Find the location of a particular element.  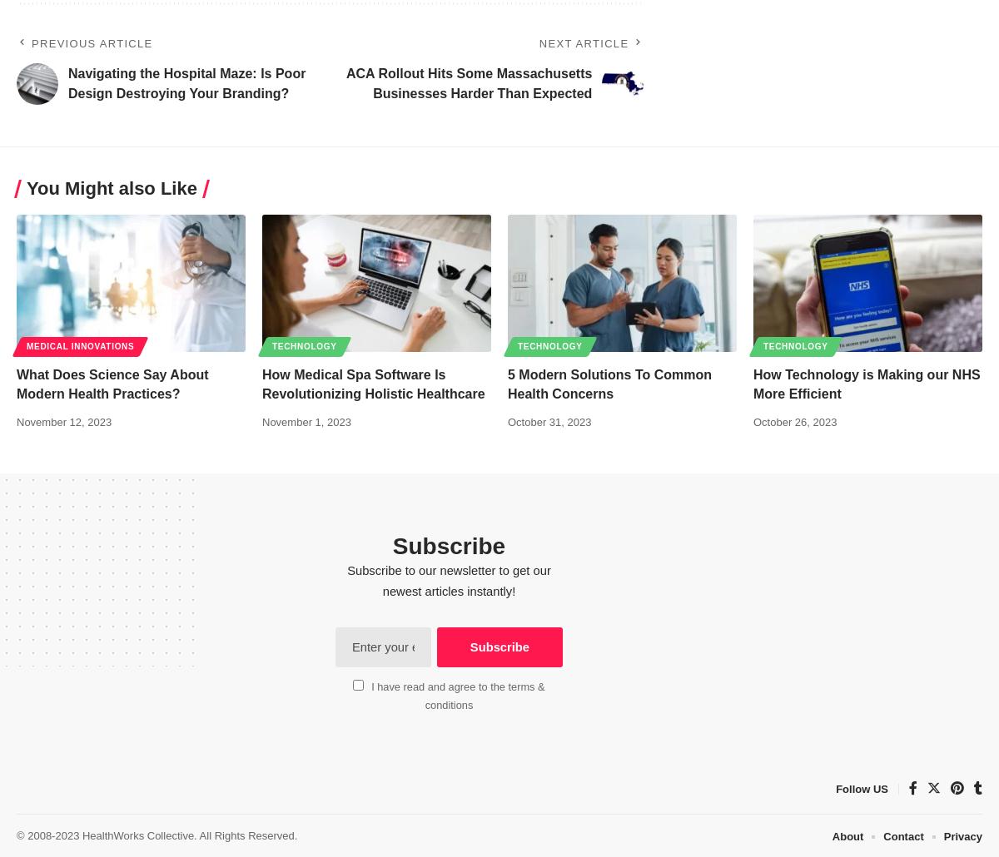

'5 Modern Solutions To Common Health Concerns' is located at coordinates (609, 383).